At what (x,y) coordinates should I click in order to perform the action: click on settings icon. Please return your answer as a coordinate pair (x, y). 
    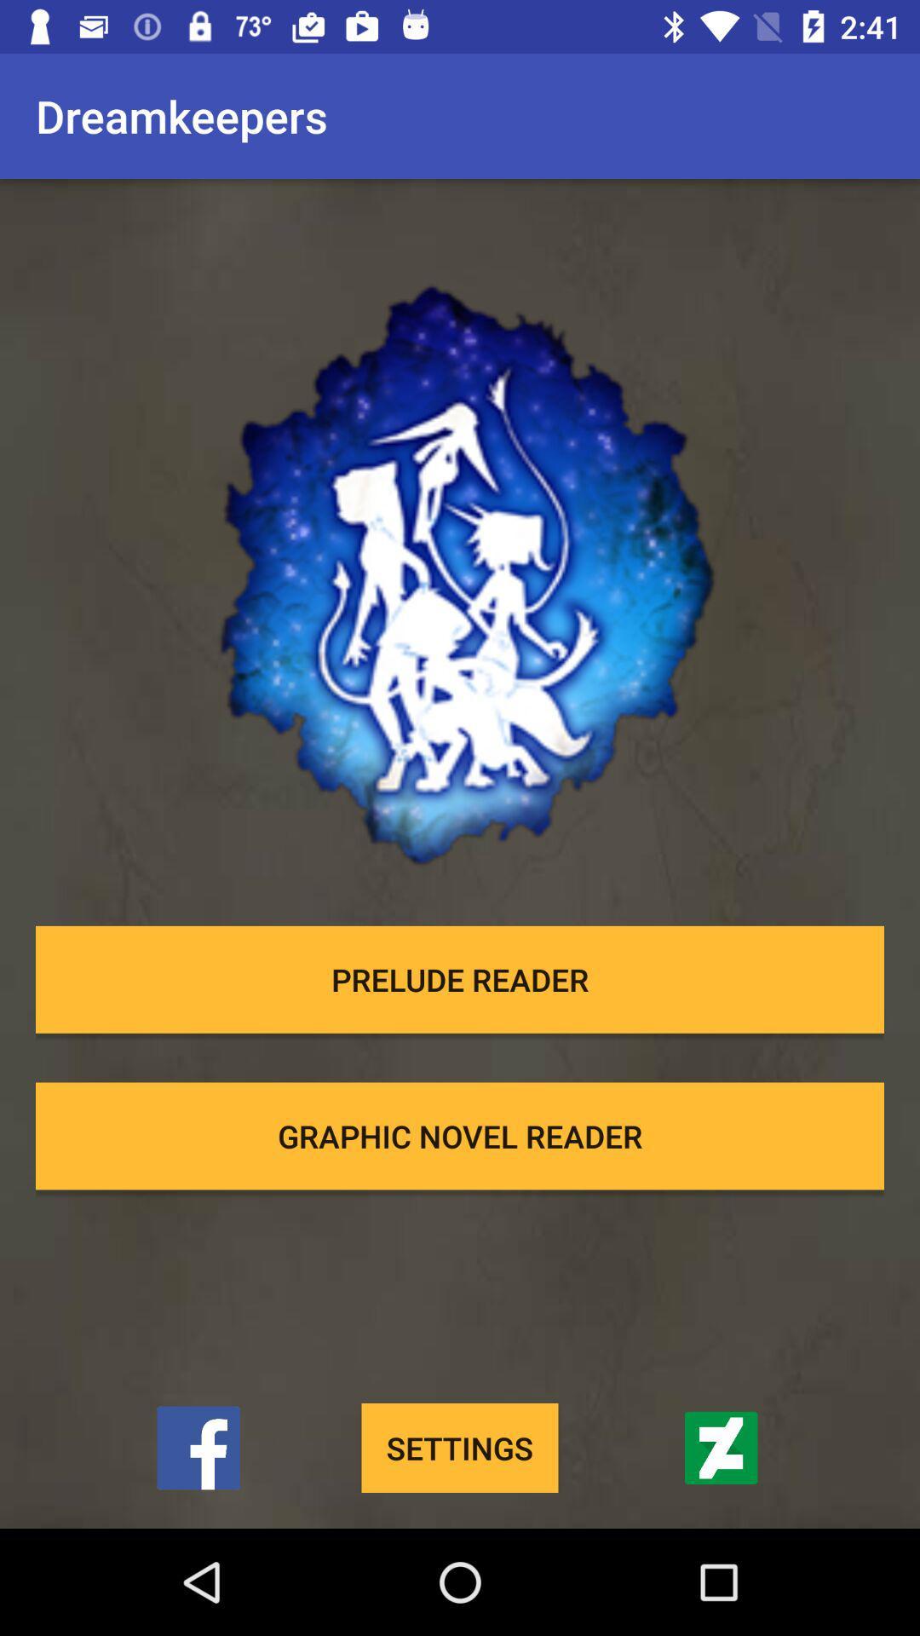
    Looking at the image, I should click on (460, 1447).